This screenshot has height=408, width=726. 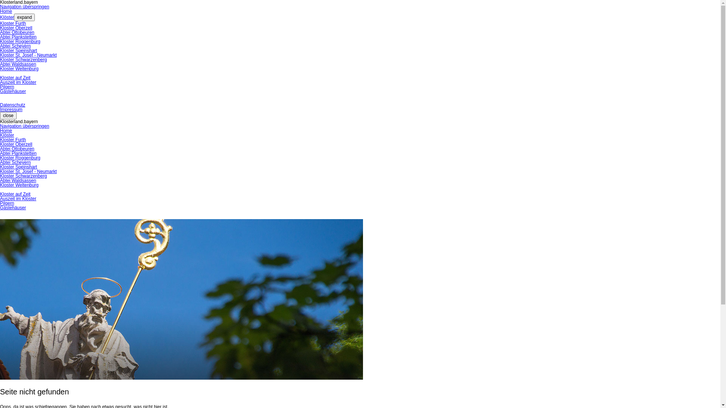 I want to click on ' ', so click(x=0, y=217).